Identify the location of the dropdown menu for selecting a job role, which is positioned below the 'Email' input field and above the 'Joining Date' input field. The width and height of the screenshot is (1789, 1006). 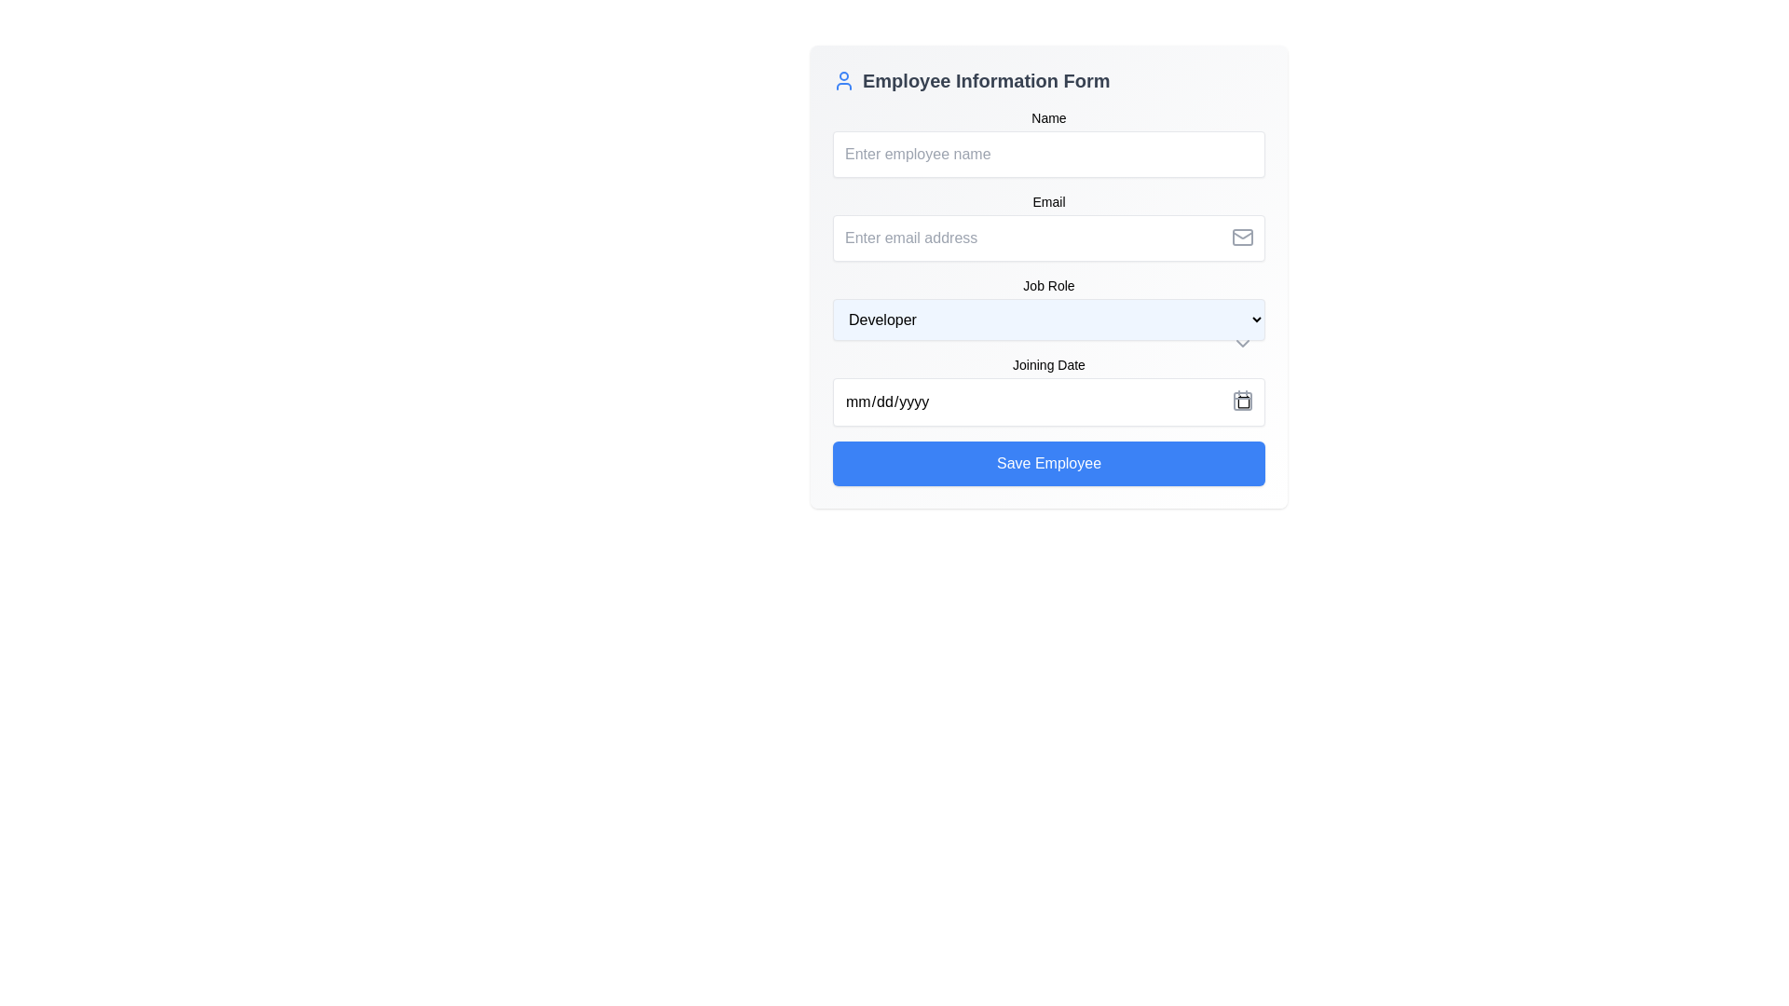
(1049, 277).